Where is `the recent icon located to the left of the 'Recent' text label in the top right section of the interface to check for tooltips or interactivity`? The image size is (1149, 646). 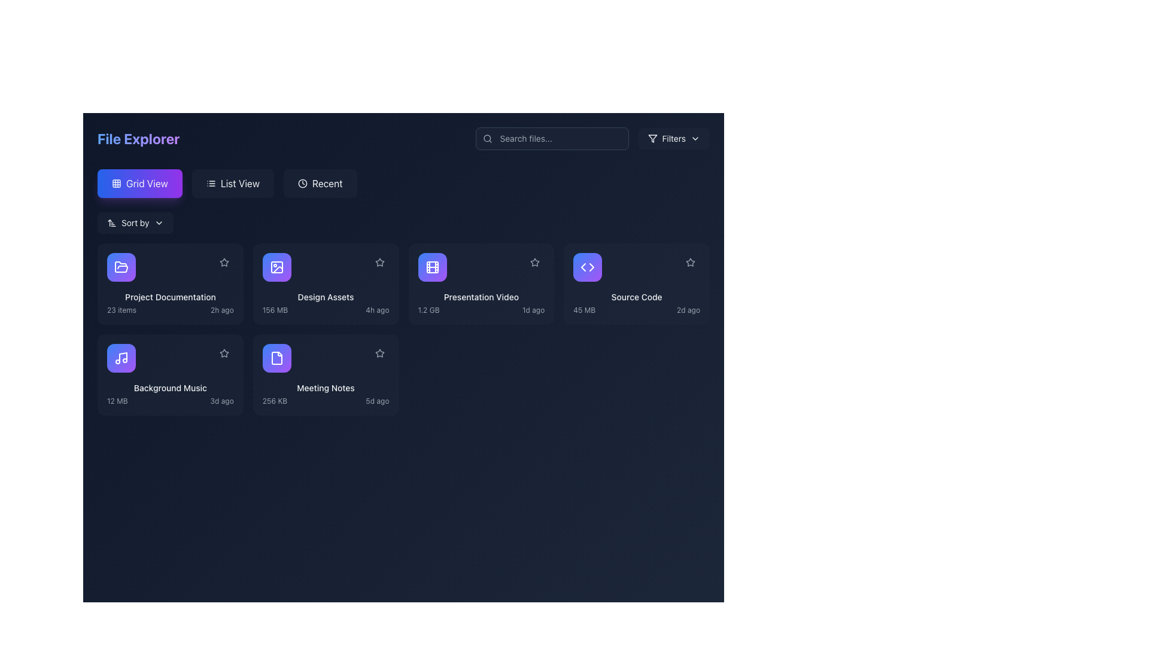 the recent icon located to the left of the 'Recent' text label in the top right section of the interface to check for tooltips or interactivity is located at coordinates (302, 184).